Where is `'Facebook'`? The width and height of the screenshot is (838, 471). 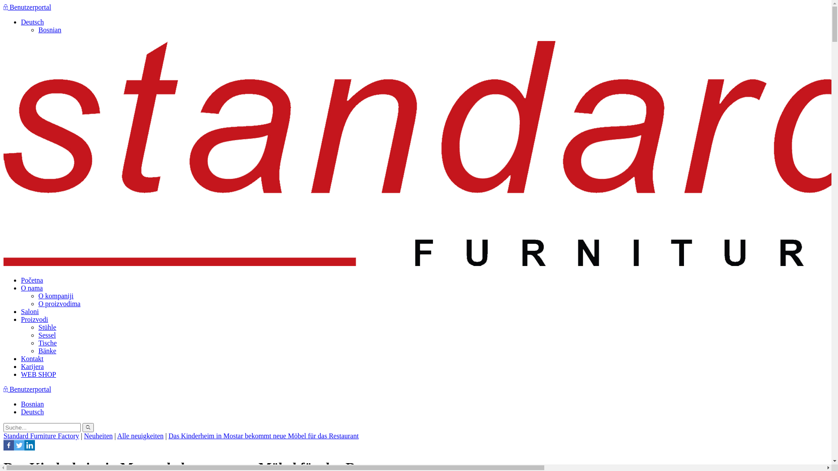
'Facebook' is located at coordinates (3, 445).